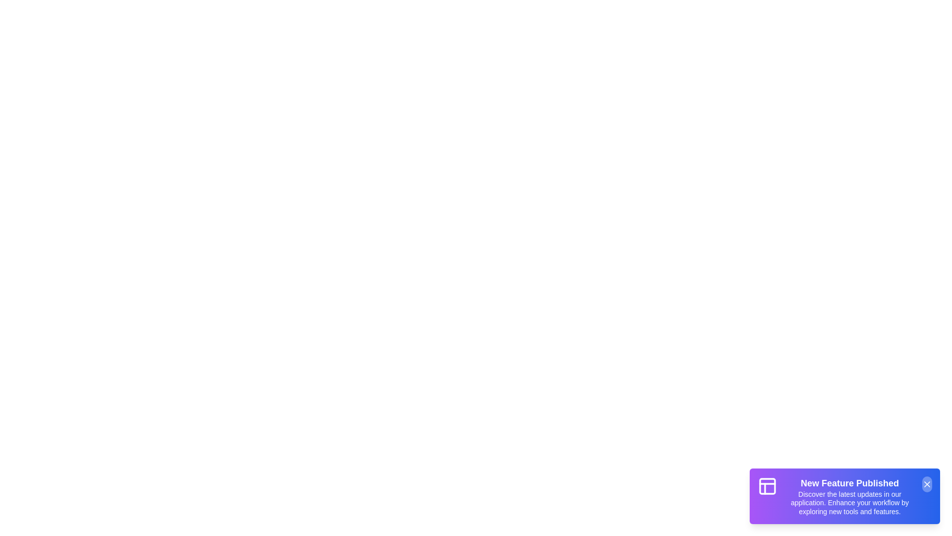  What do you see at coordinates (927, 483) in the screenshot?
I see `the close button of the snackbar to close it` at bounding box center [927, 483].